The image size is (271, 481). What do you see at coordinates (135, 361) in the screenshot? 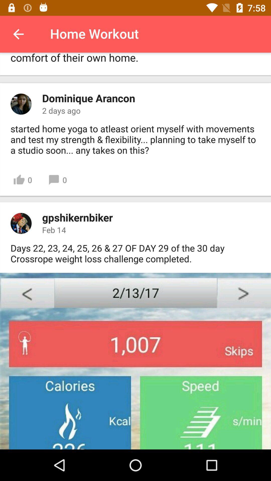
I see `next` at bounding box center [135, 361].